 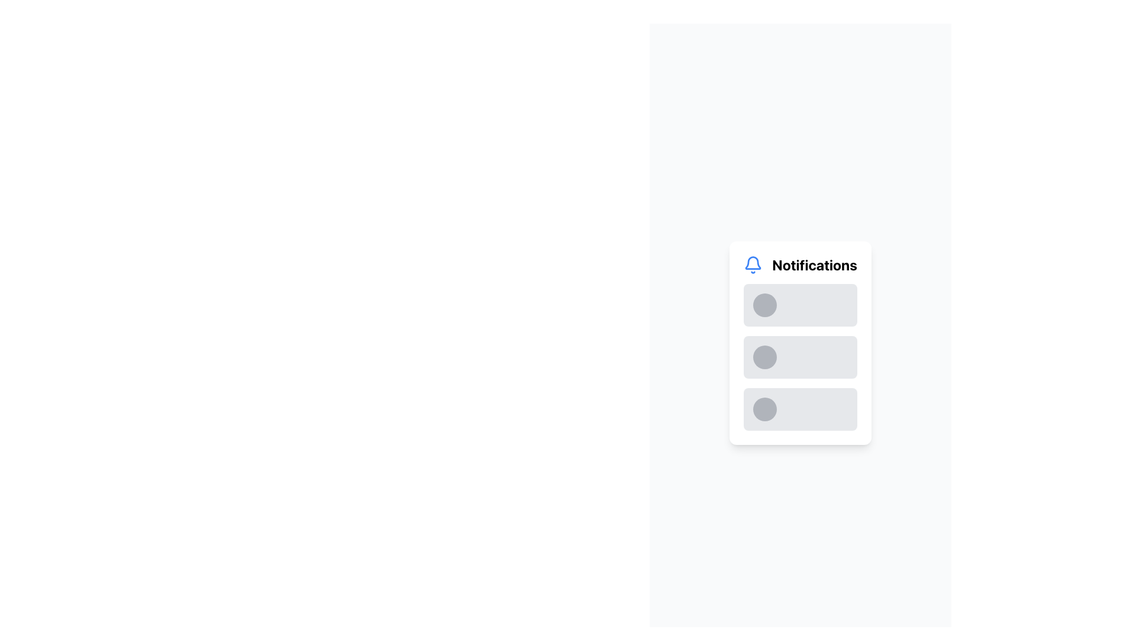 What do you see at coordinates (801, 264) in the screenshot?
I see `the Notifications header element which features a blue bell icon on the left and bold black text on the right` at bounding box center [801, 264].